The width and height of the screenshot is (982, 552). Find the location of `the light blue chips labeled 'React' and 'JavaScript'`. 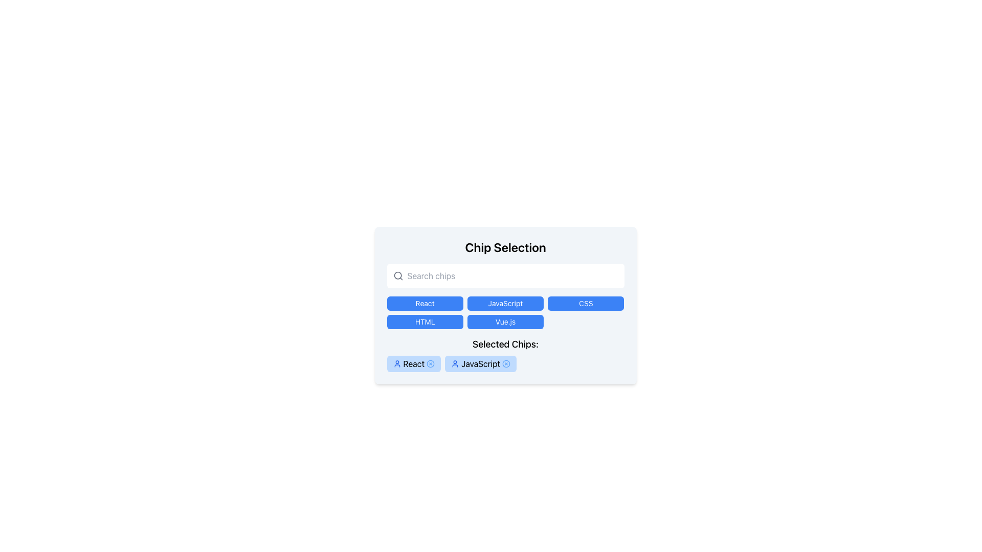

the light blue chips labeled 'React' and 'JavaScript' is located at coordinates (505, 363).